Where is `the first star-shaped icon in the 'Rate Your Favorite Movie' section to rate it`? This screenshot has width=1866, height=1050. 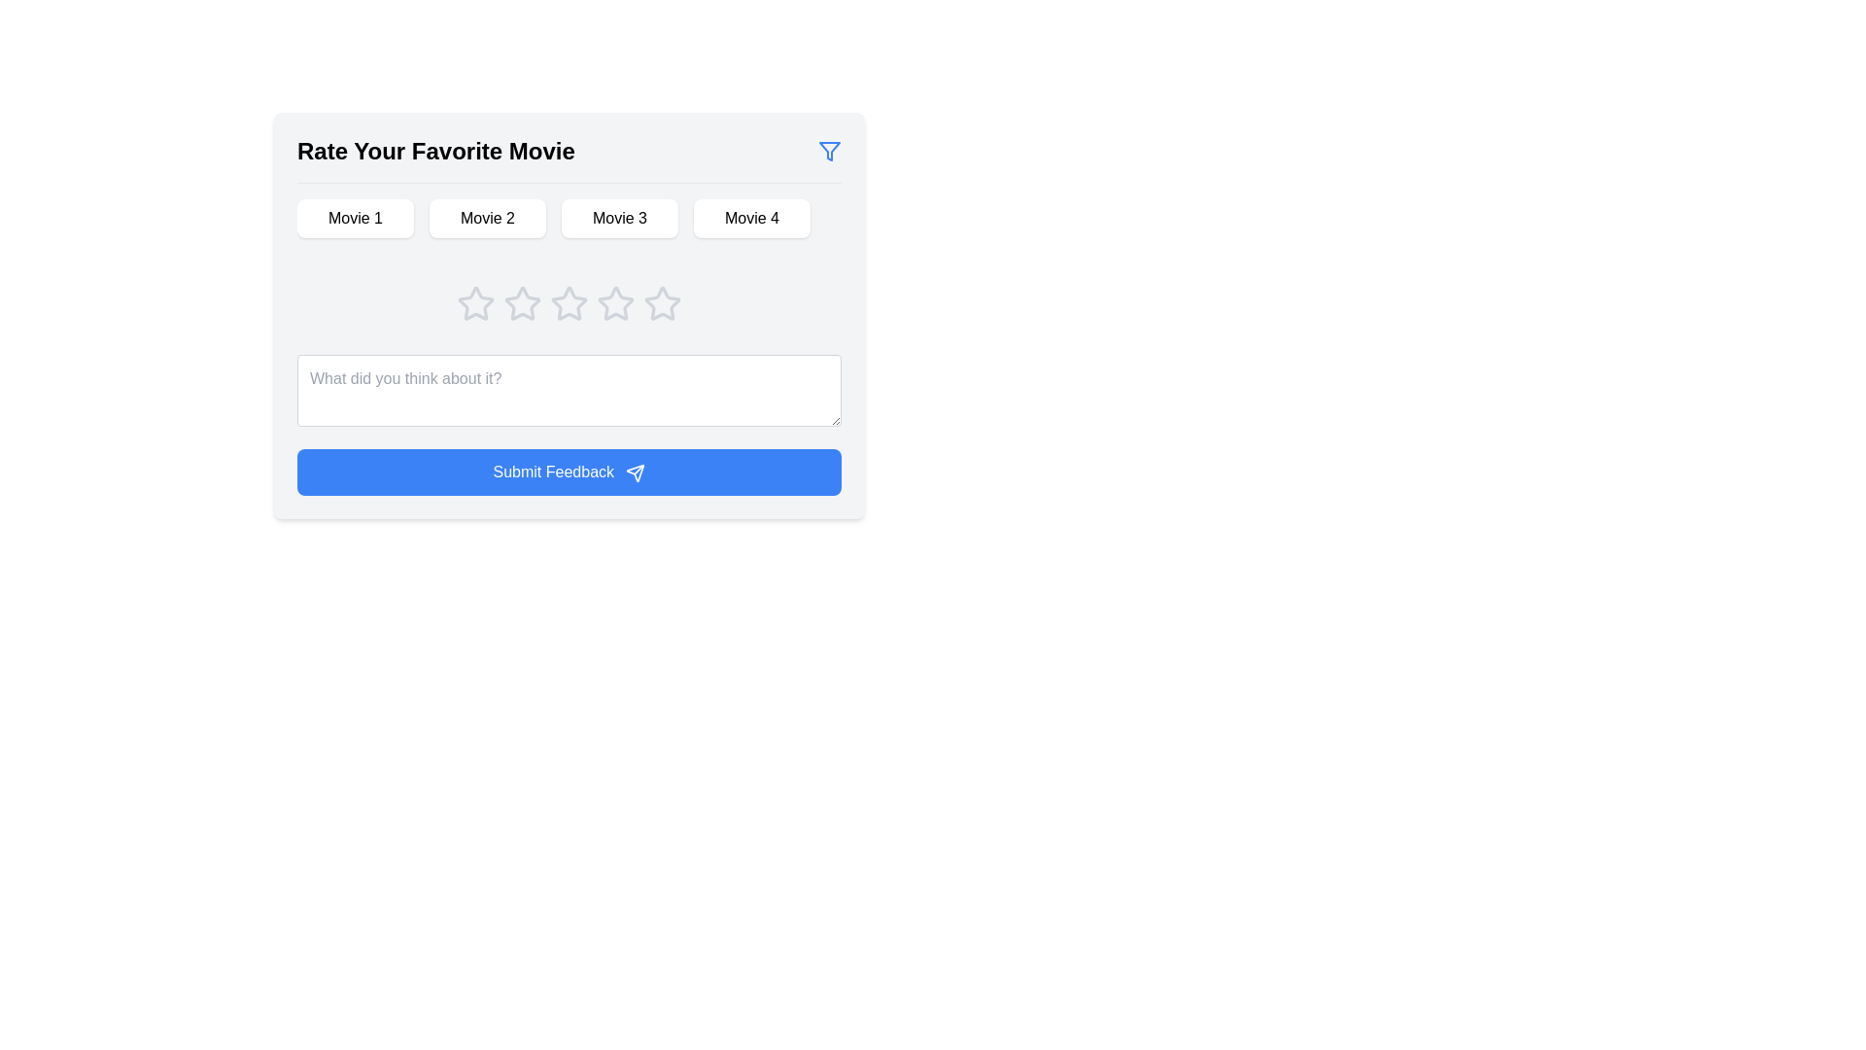
the first star-shaped icon in the 'Rate Your Favorite Movie' section to rate it is located at coordinates (475, 303).